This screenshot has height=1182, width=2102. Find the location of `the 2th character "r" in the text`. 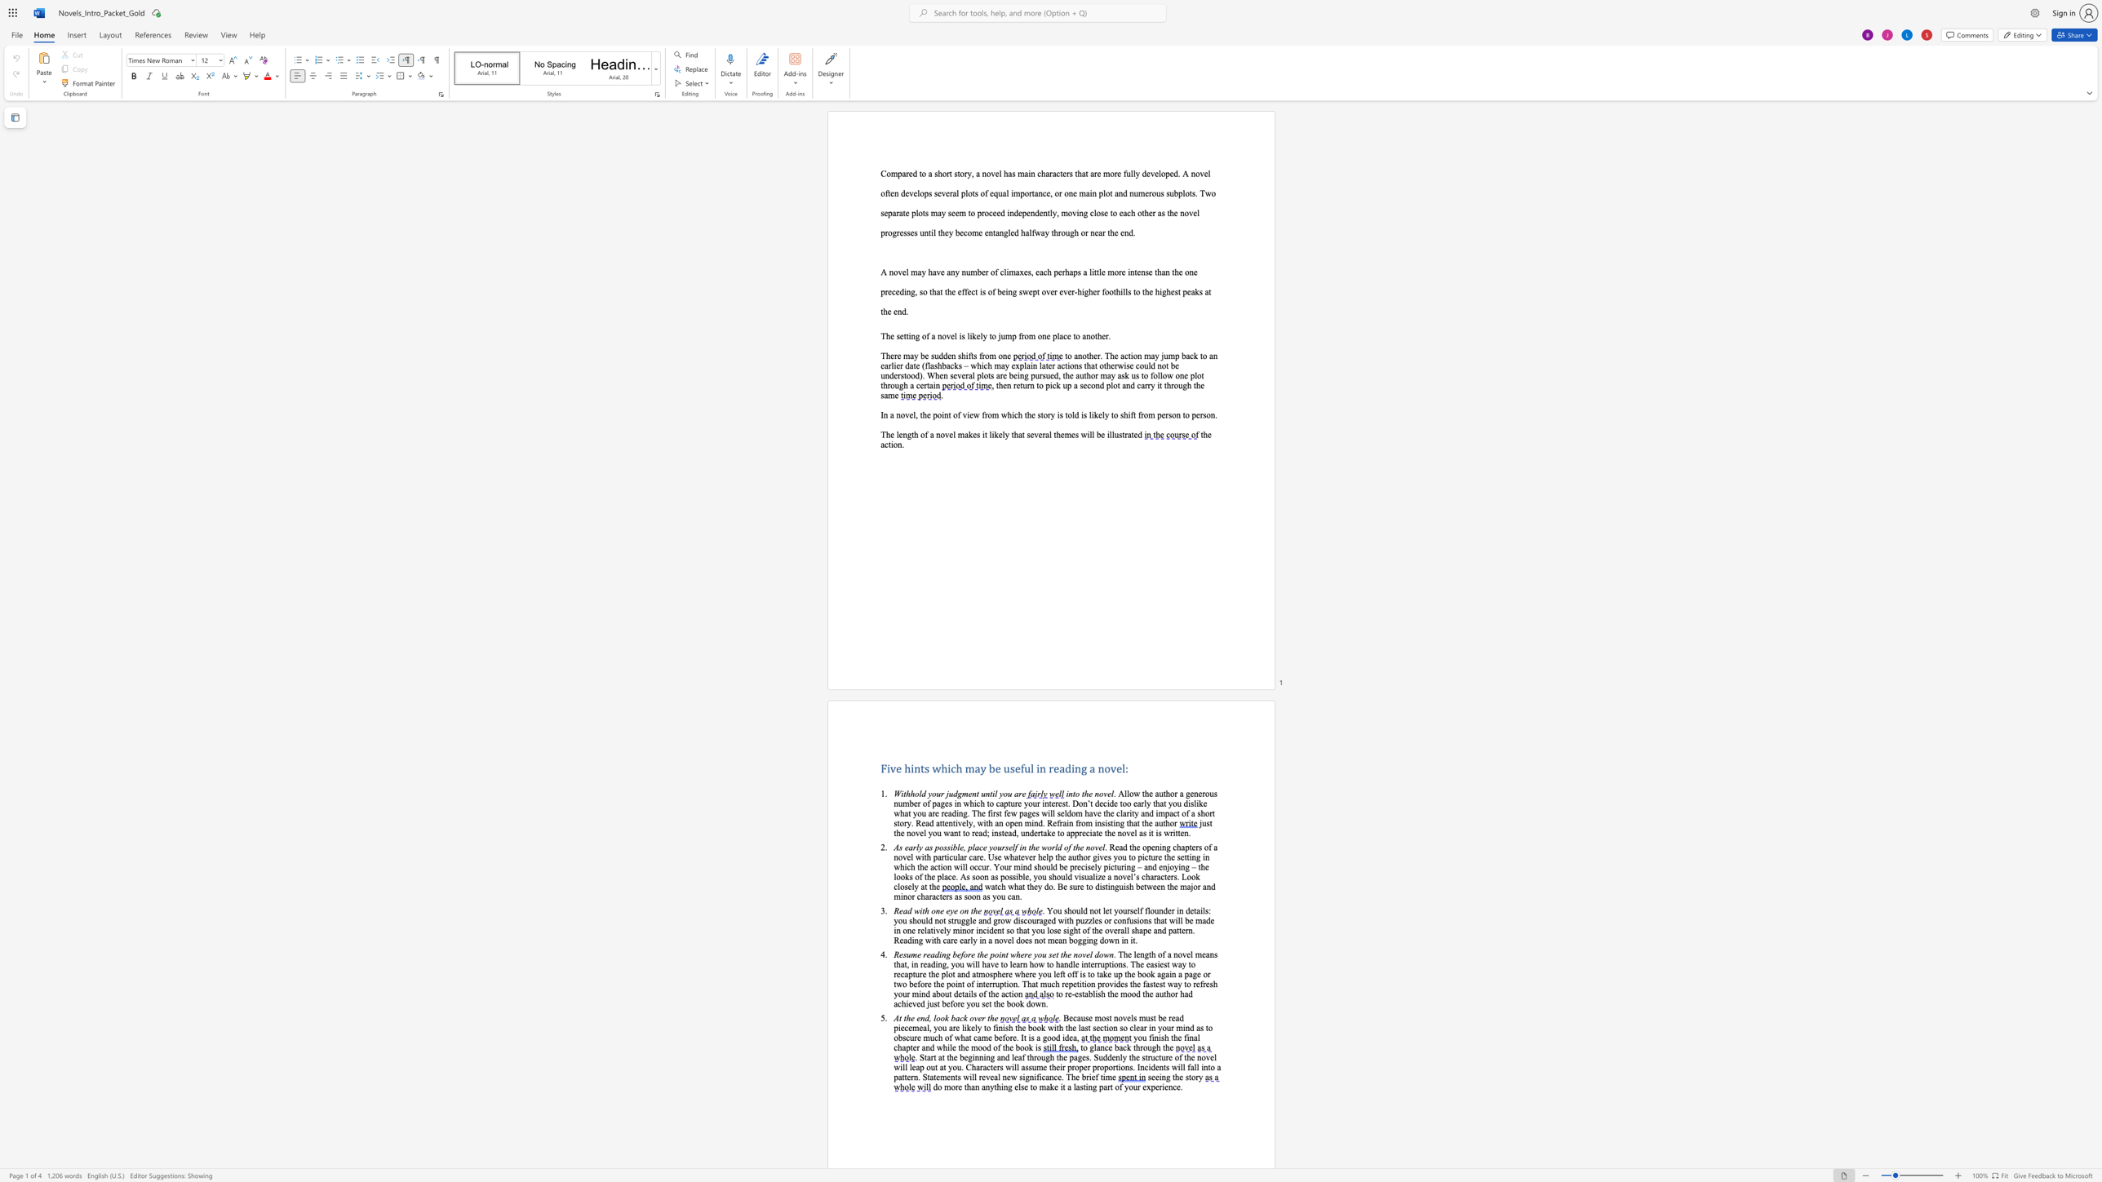

the 2th character "r" in the text is located at coordinates (1048, 414).